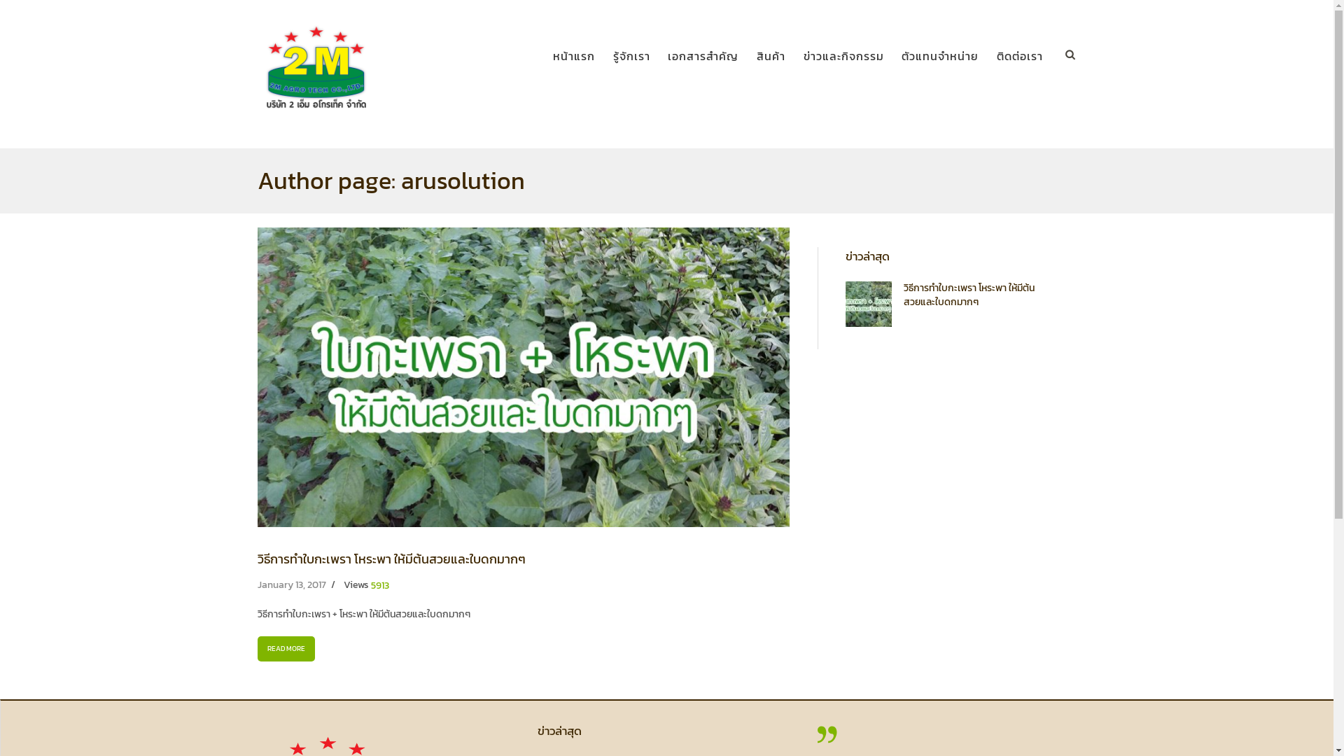 The image size is (1344, 756). I want to click on '5913', so click(379, 586).